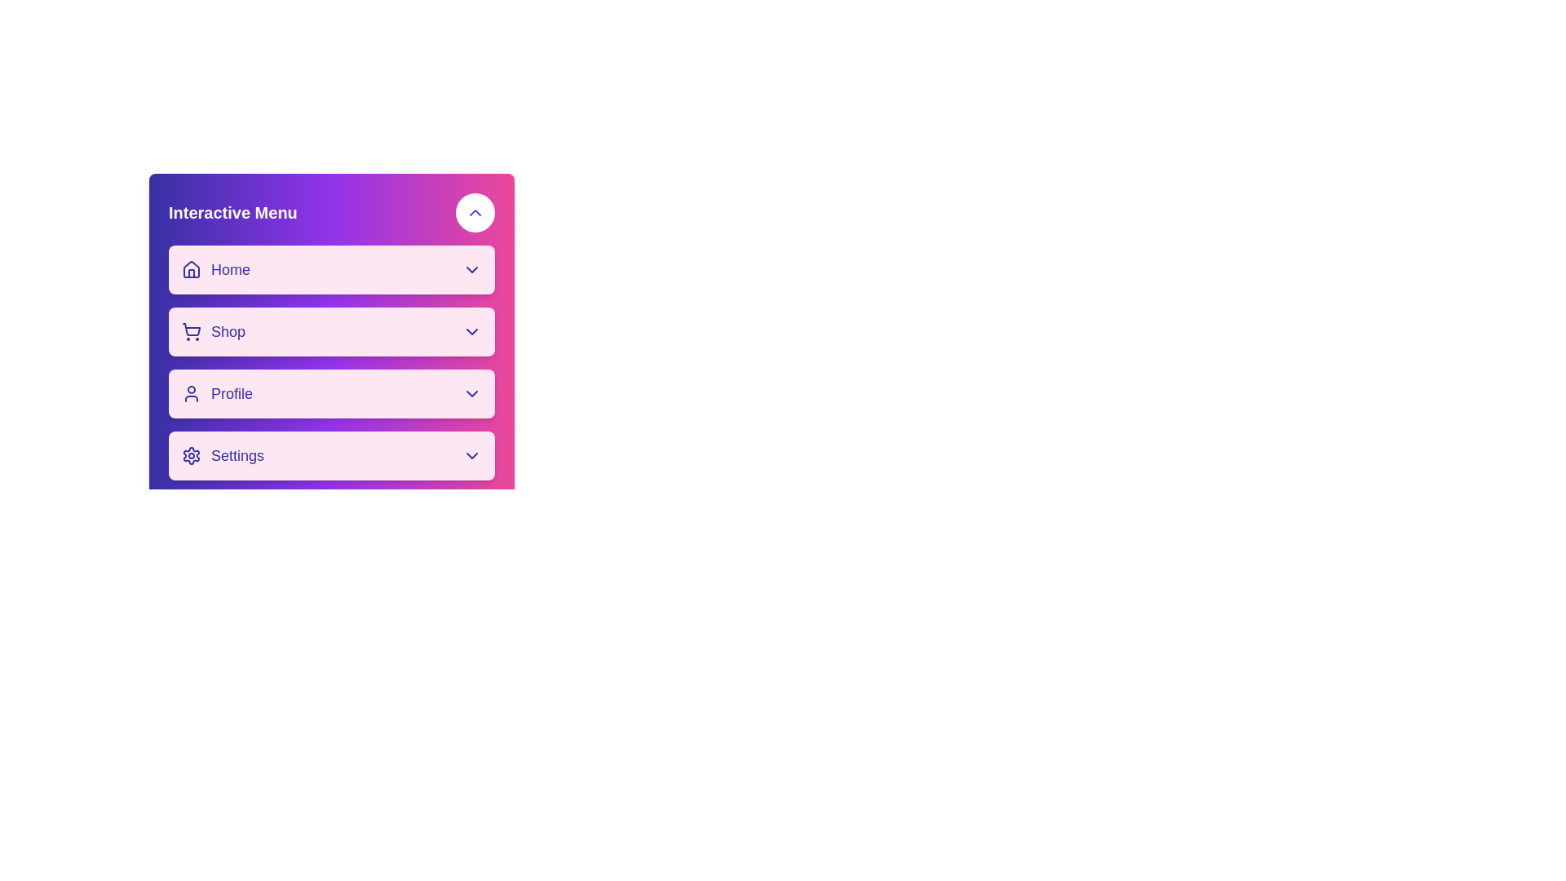  Describe the element at coordinates (222, 456) in the screenshot. I see `the 'Settings' menu item, which features a gear icon and bold text, located at the bottom of the menu layout` at that location.